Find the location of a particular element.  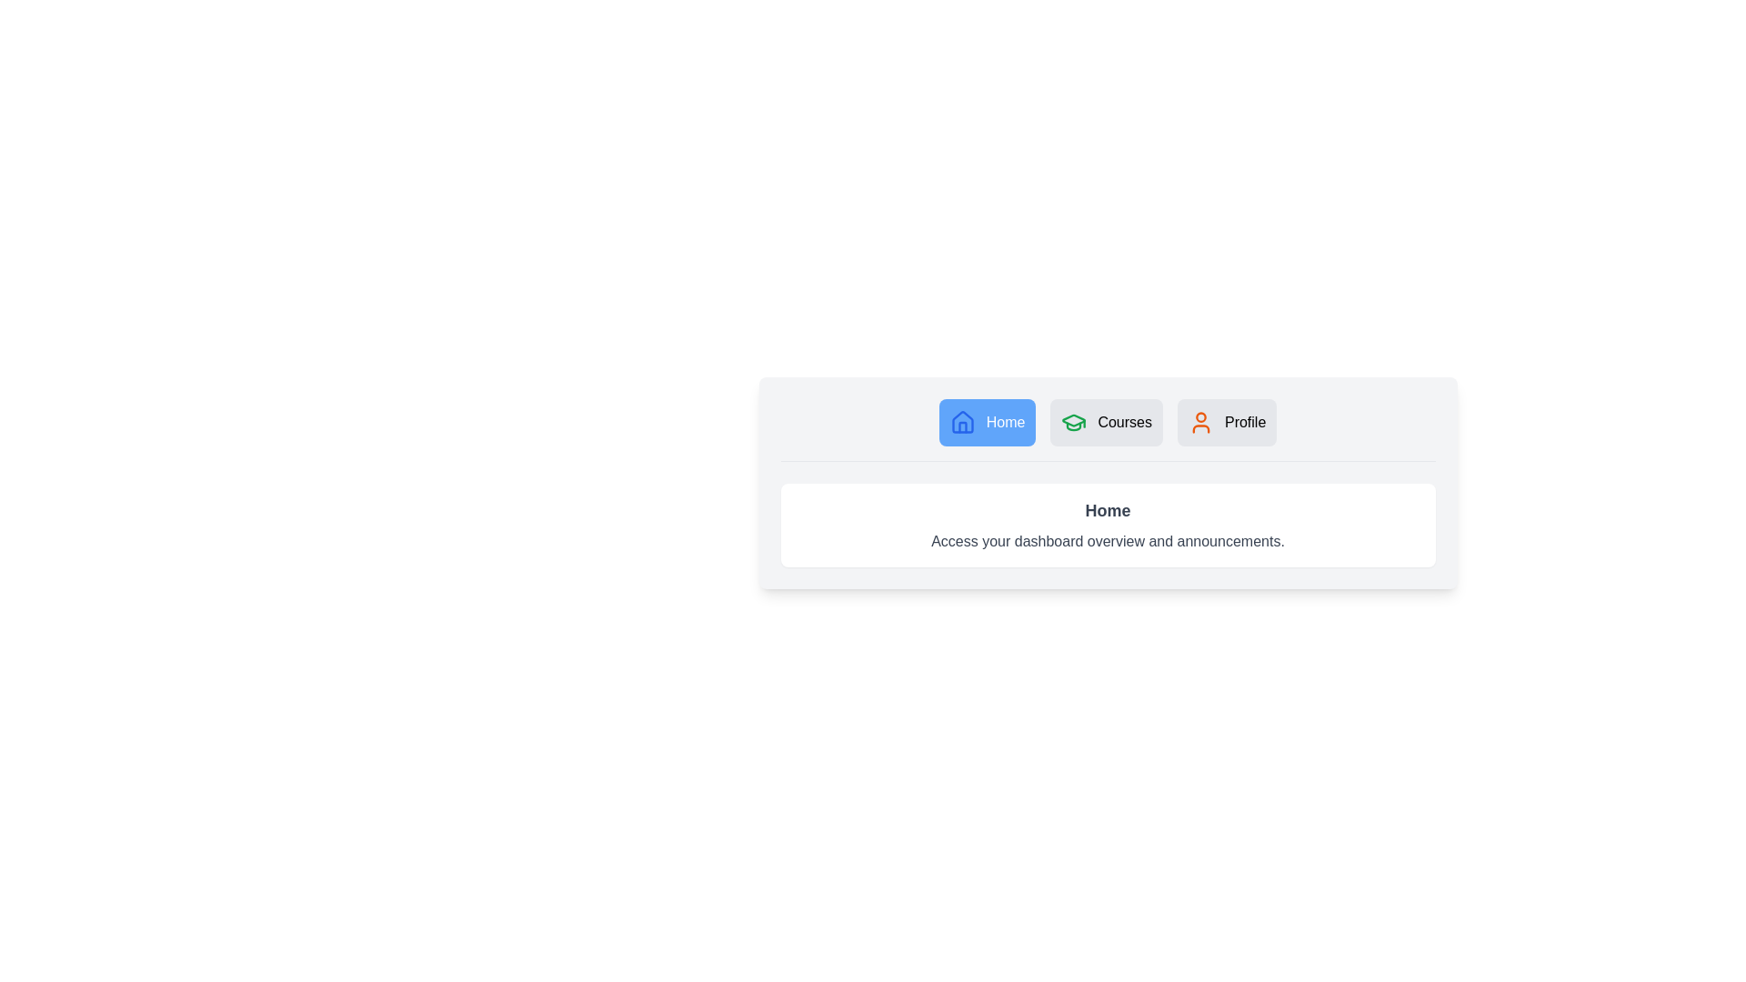

the Courses tab to activate it is located at coordinates (1106, 423).